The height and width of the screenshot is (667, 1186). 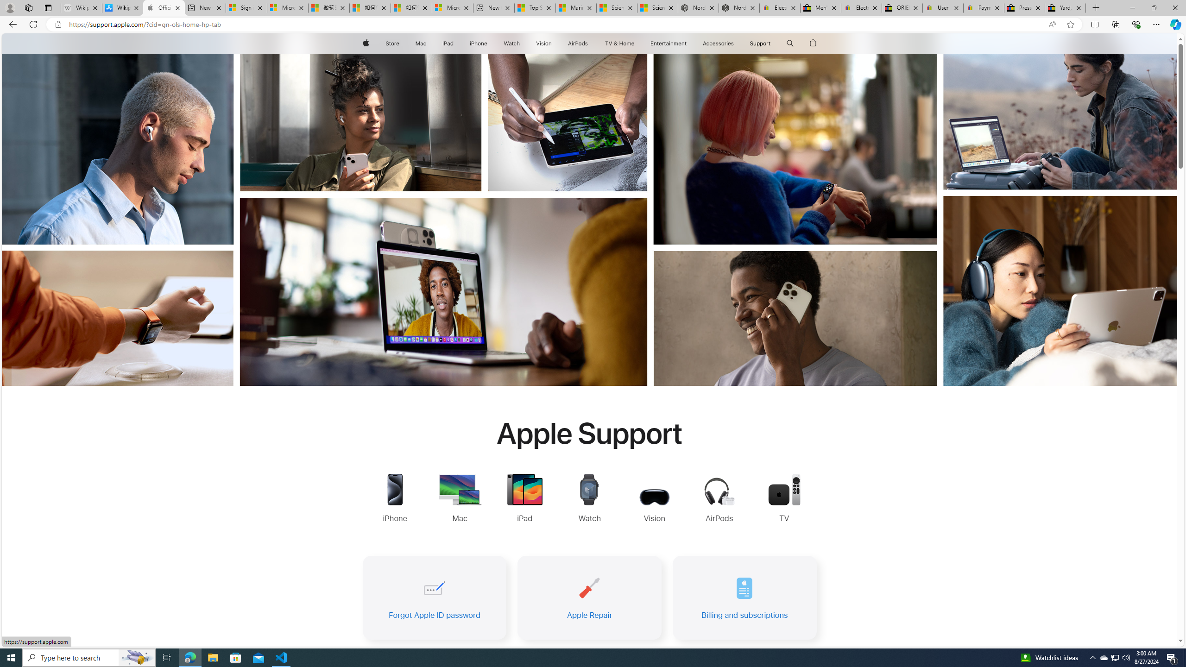 What do you see at coordinates (772, 43) in the screenshot?
I see `'Support menu'` at bounding box center [772, 43].